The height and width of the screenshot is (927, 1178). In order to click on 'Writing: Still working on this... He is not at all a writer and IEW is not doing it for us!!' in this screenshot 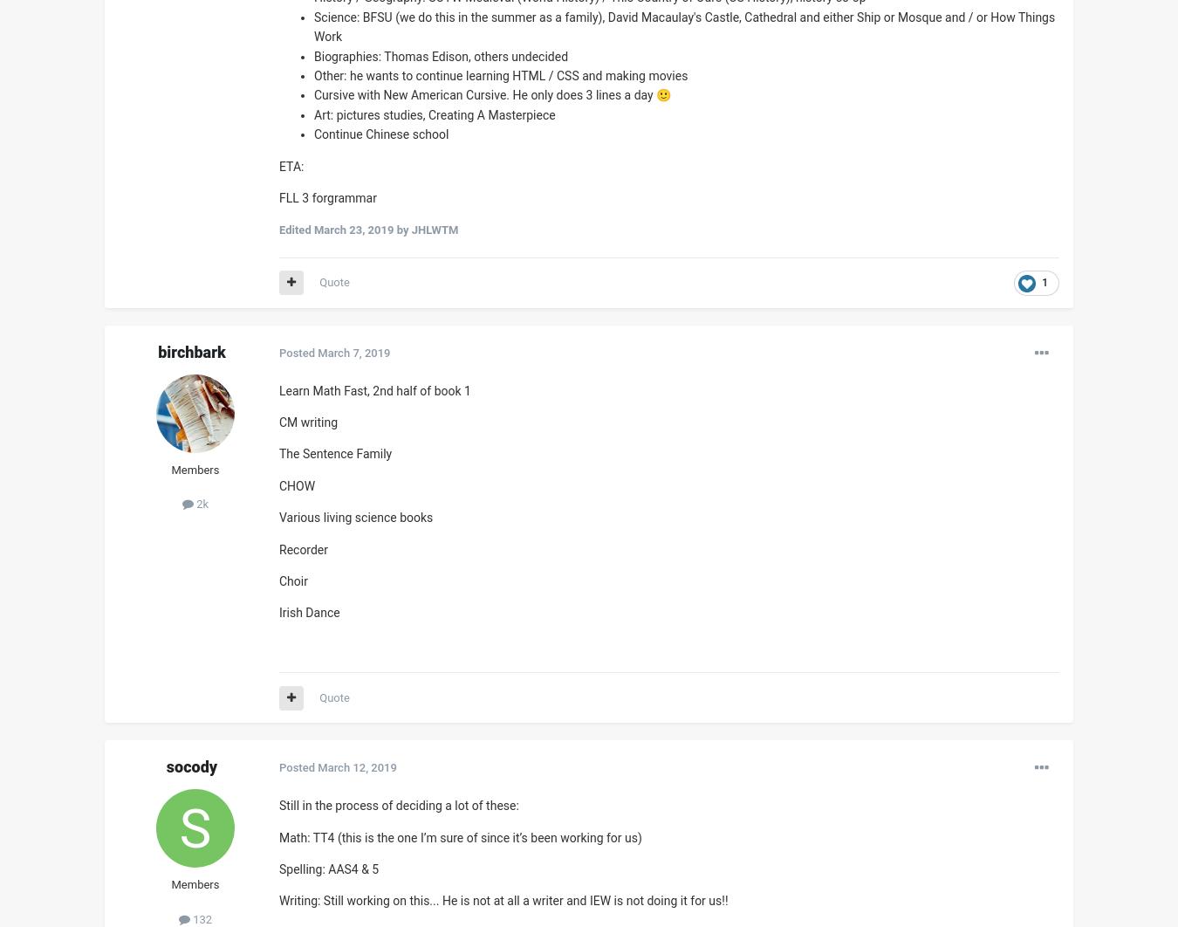, I will do `click(503, 900)`.